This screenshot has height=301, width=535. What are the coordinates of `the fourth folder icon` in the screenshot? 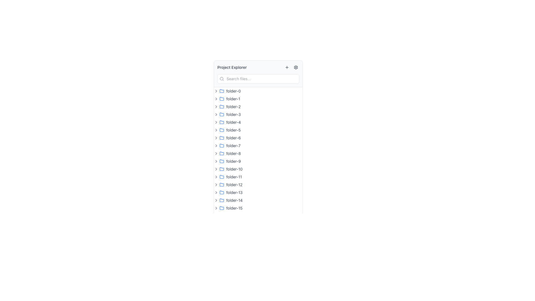 It's located at (222, 114).